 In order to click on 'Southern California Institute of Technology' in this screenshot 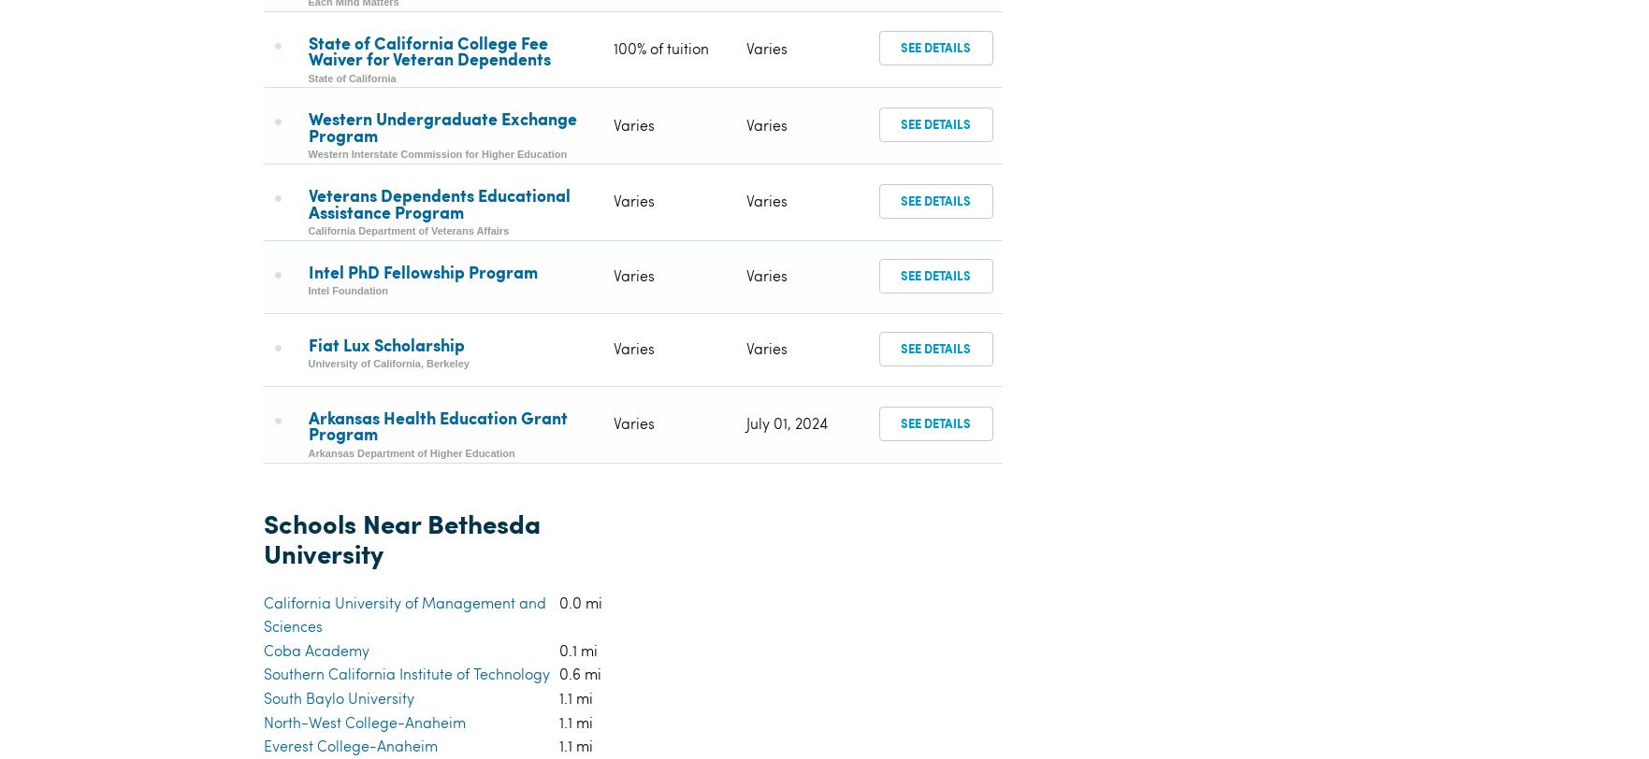, I will do `click(263, 295)`.